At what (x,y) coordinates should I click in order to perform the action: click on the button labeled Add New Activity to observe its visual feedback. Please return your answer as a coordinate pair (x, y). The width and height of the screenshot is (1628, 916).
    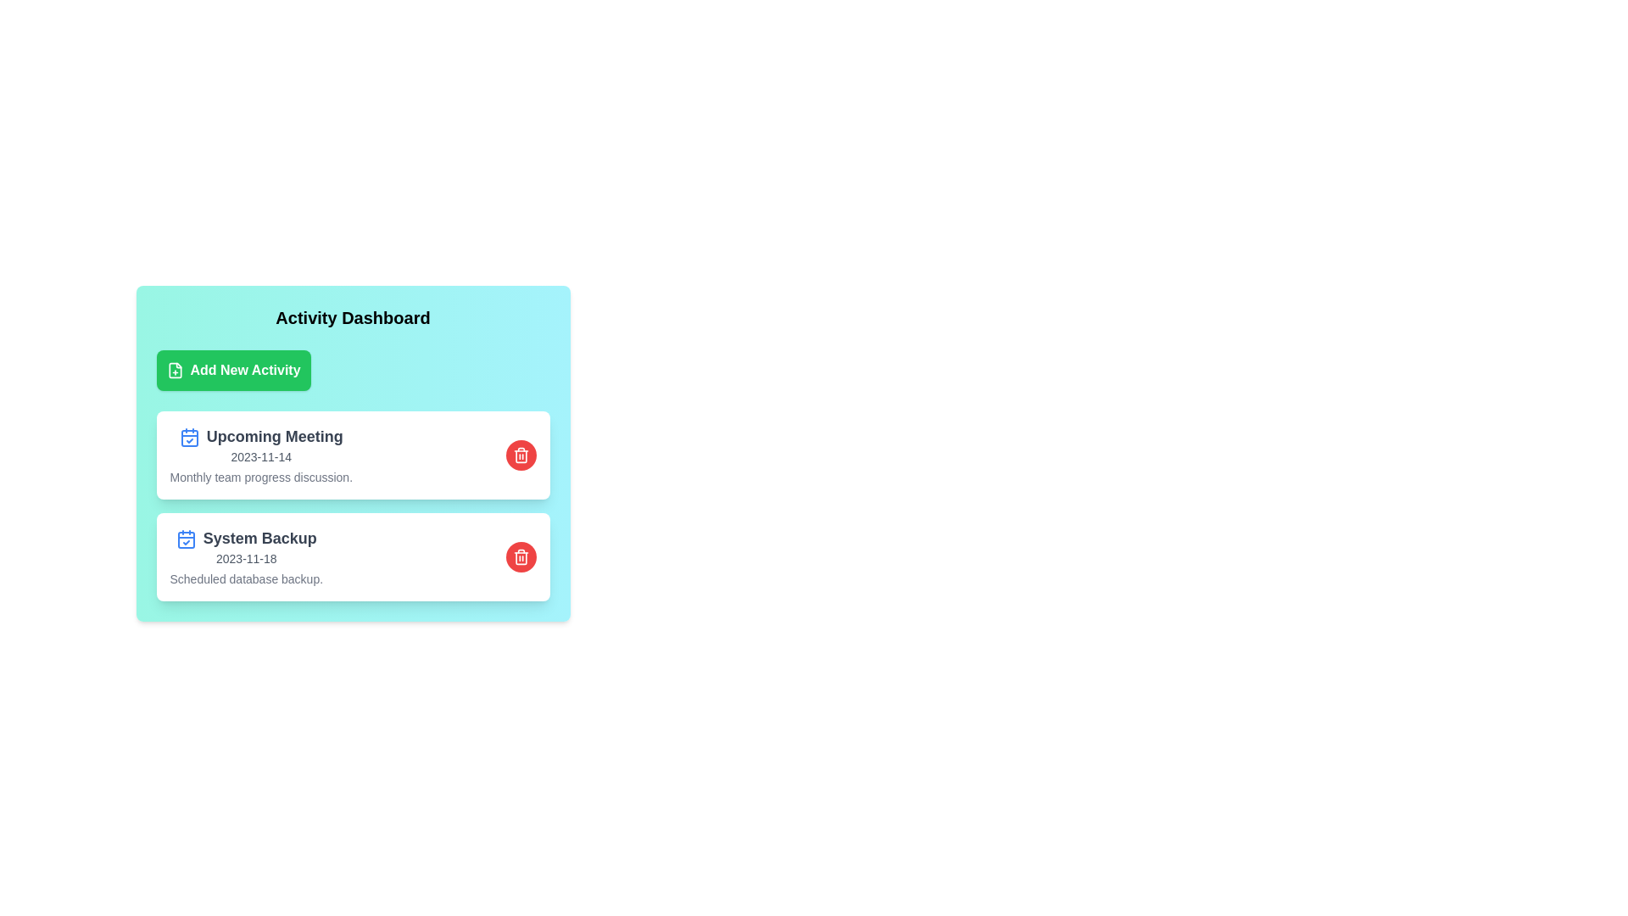
    Looking at the image, I should click on (232, 369).